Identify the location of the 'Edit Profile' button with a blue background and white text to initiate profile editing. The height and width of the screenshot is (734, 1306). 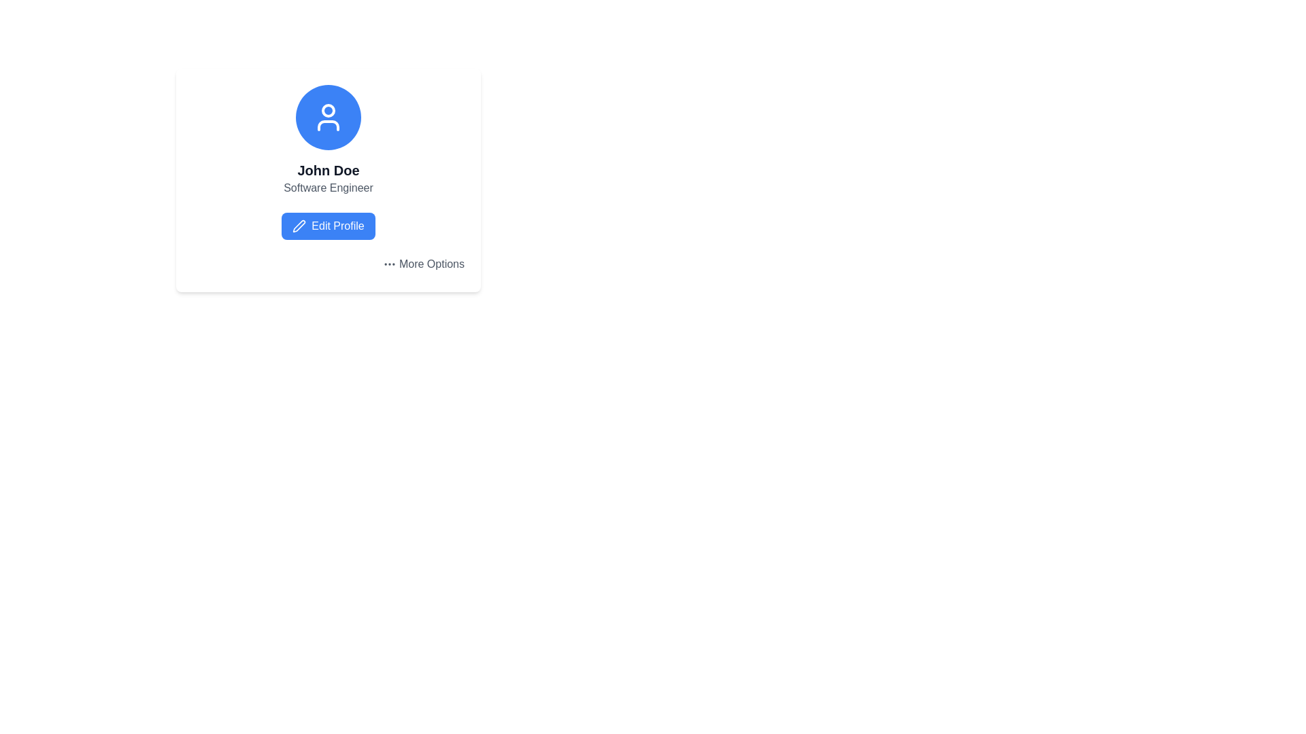
(329, 225).